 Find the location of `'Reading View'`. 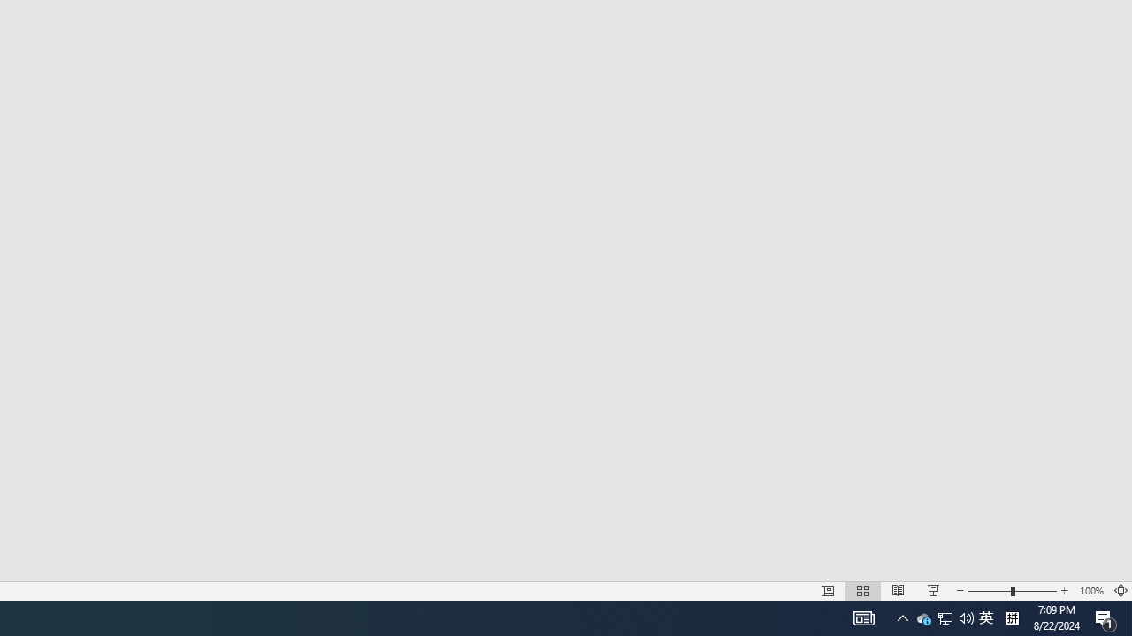

'Reading View' is located at coordinates (898, 591).